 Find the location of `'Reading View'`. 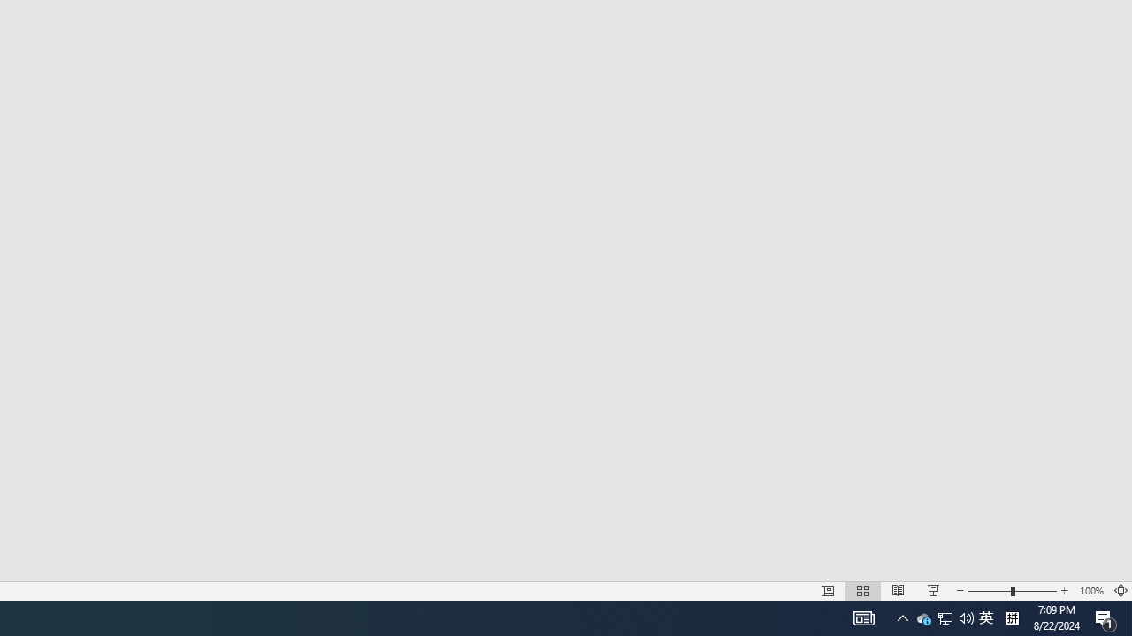

'Reading View' is located at coordinates (898, 591).